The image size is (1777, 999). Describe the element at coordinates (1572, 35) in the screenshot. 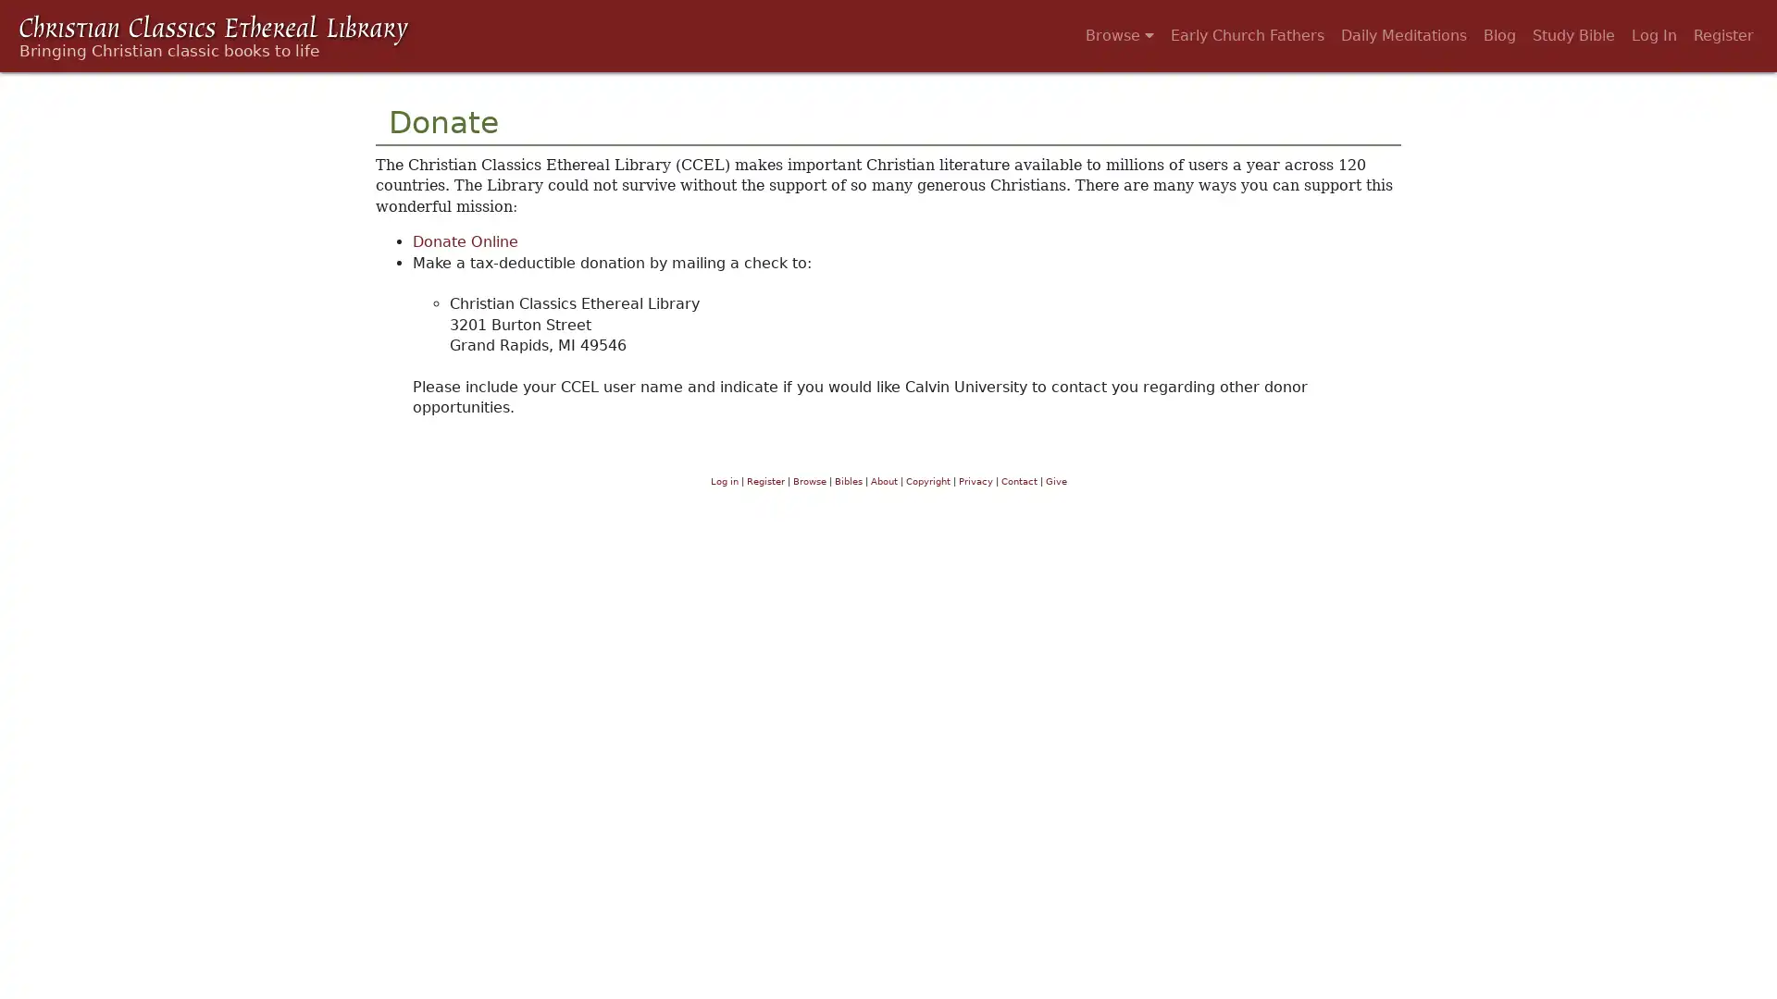

I see `Study Bible` at that location.